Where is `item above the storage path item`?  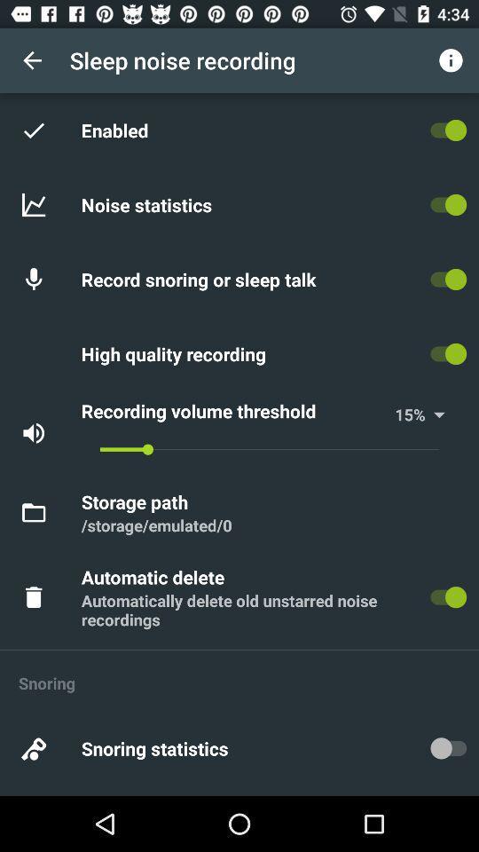 item above the storage path item is located at coordinates (269, 448).